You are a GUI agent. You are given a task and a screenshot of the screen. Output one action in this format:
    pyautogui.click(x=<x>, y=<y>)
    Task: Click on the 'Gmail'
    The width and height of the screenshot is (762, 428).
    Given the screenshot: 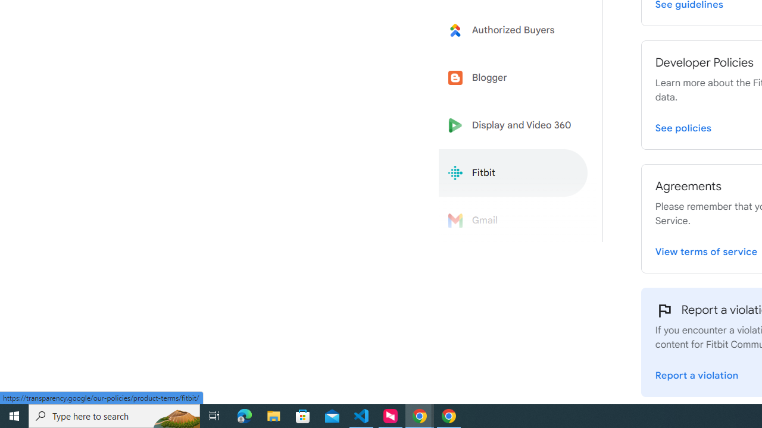 What is the action you would take?
    pyautogui.click(x=513, y=221)
    